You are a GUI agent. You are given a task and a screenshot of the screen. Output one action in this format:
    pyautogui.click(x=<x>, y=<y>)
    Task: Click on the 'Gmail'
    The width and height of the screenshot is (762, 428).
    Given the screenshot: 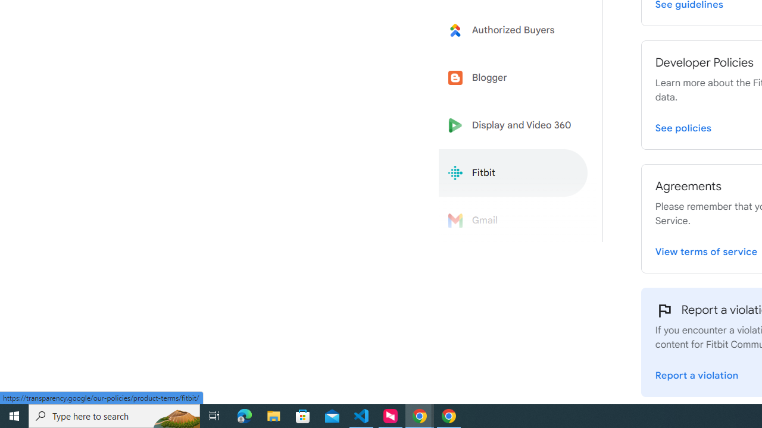 What is the action you would take?
    pyautogui.click(x=513, y=221)
    